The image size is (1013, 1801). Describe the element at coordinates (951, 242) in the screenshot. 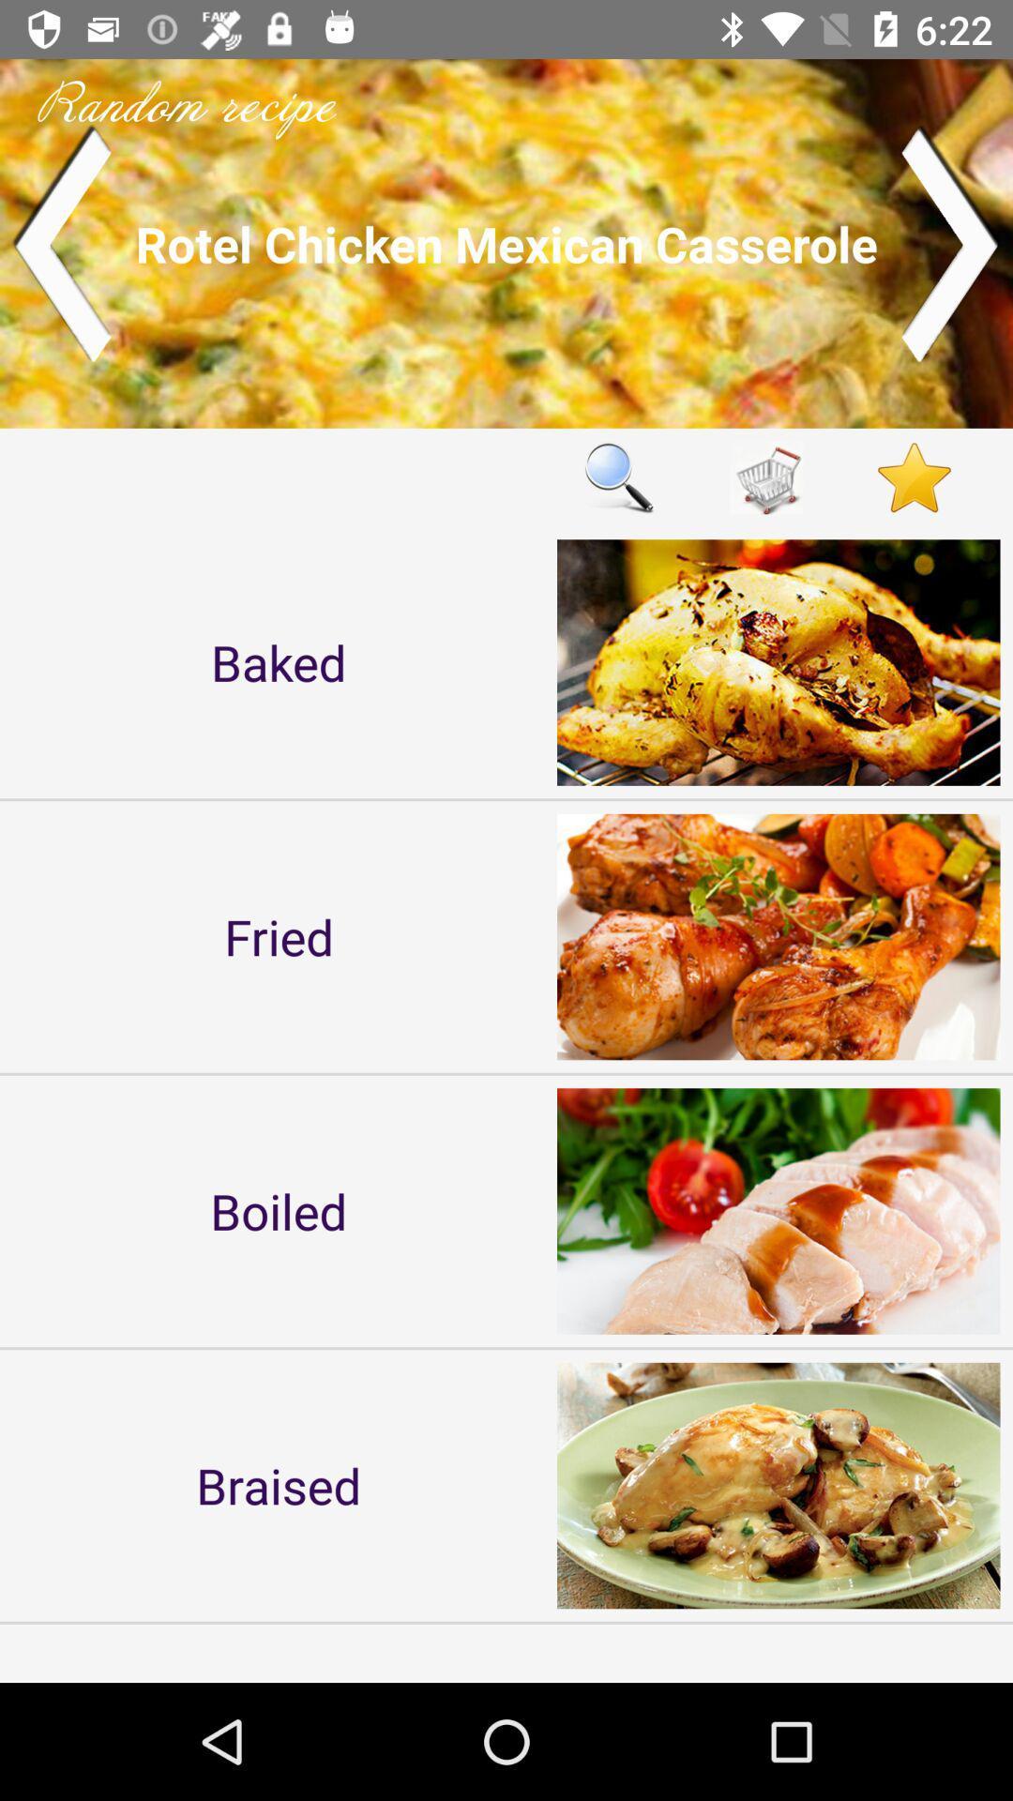

I see `next photos` at that location.